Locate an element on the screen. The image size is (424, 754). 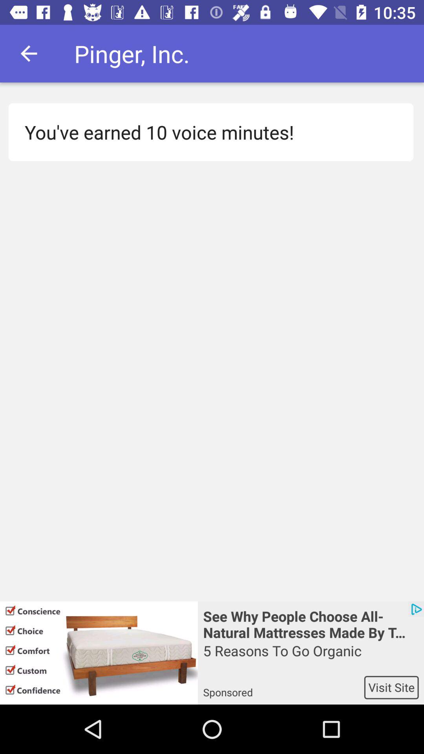
sponsored item is located at coordinates (283, 687).